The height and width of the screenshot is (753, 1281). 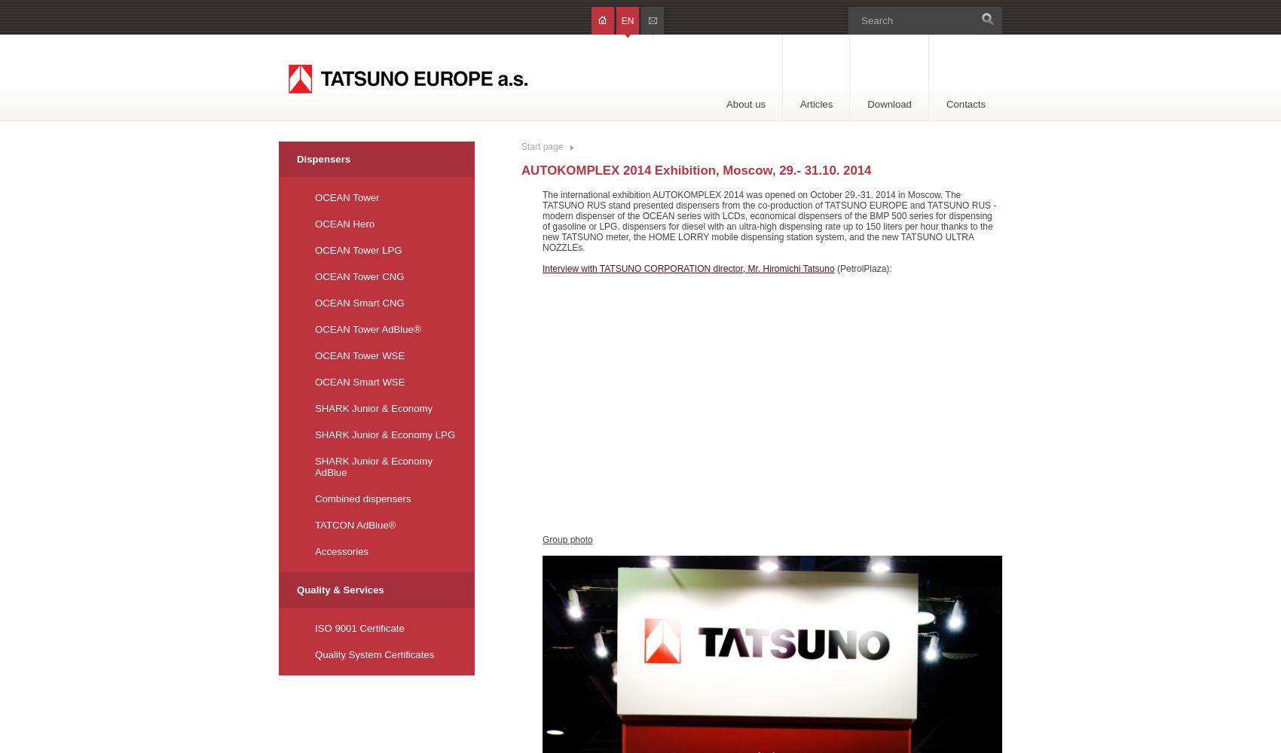 I want to click on 'Group photo', so click(x=542, y=539).